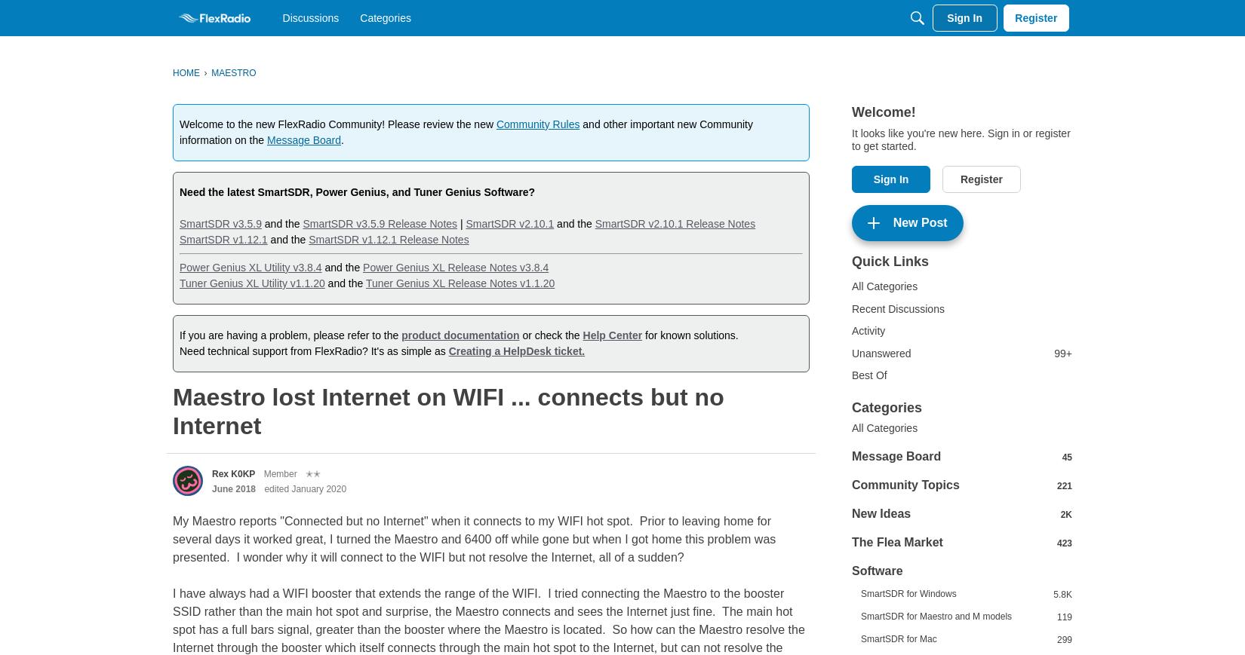 Image resolution: width=1245 pixels, height=655 pixels. Describe the element at coordinates (905, 484) in the screenshot. I see `'Community Topics'` at that location.